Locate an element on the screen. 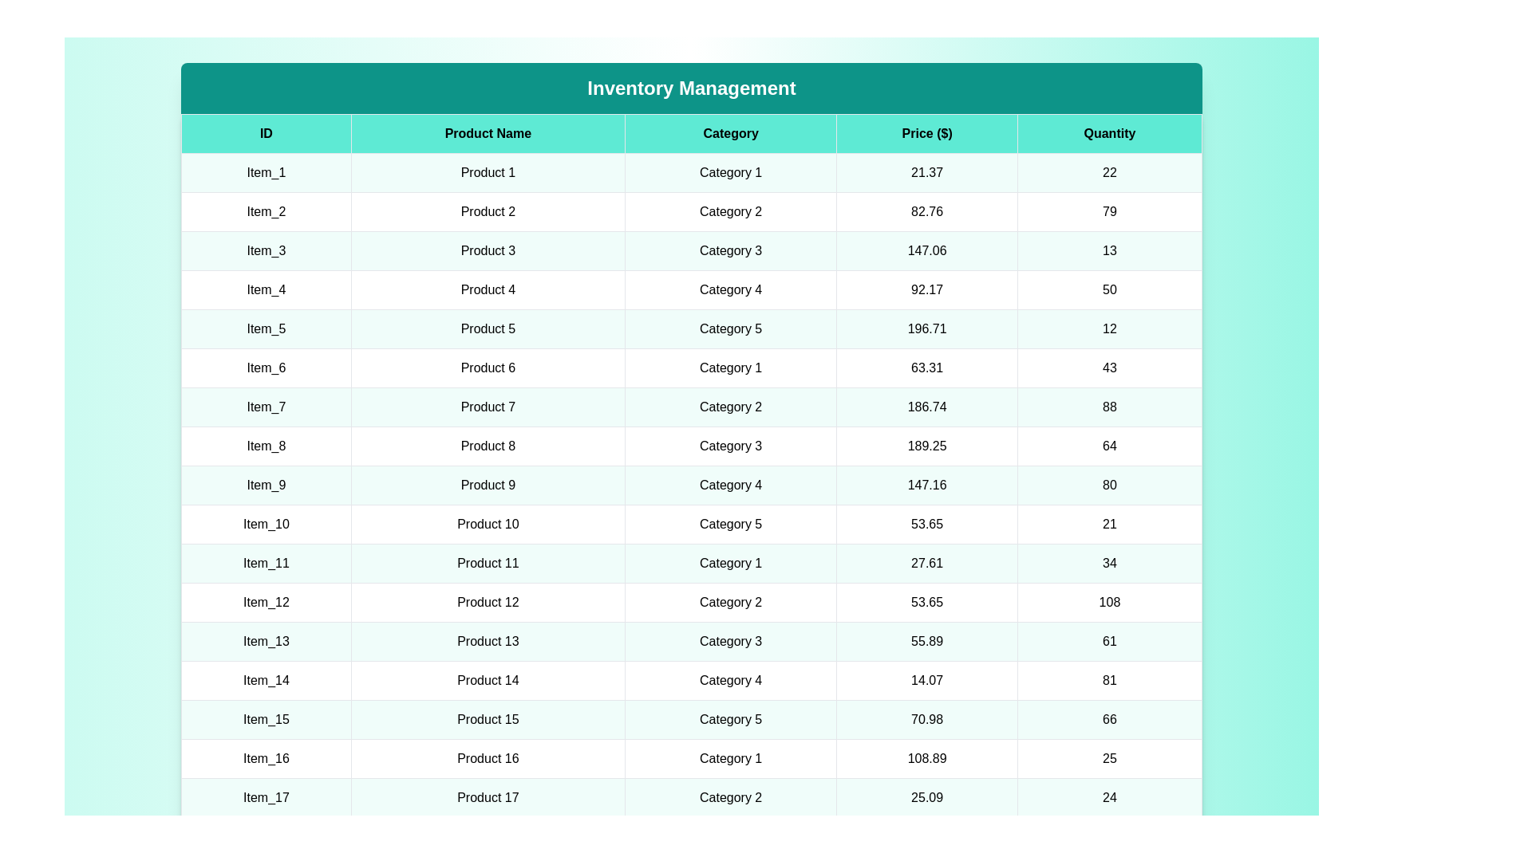 This screenshot has height=861, width=1532. the column header Category to sort the table by that column is located at coordinates (730, 133).